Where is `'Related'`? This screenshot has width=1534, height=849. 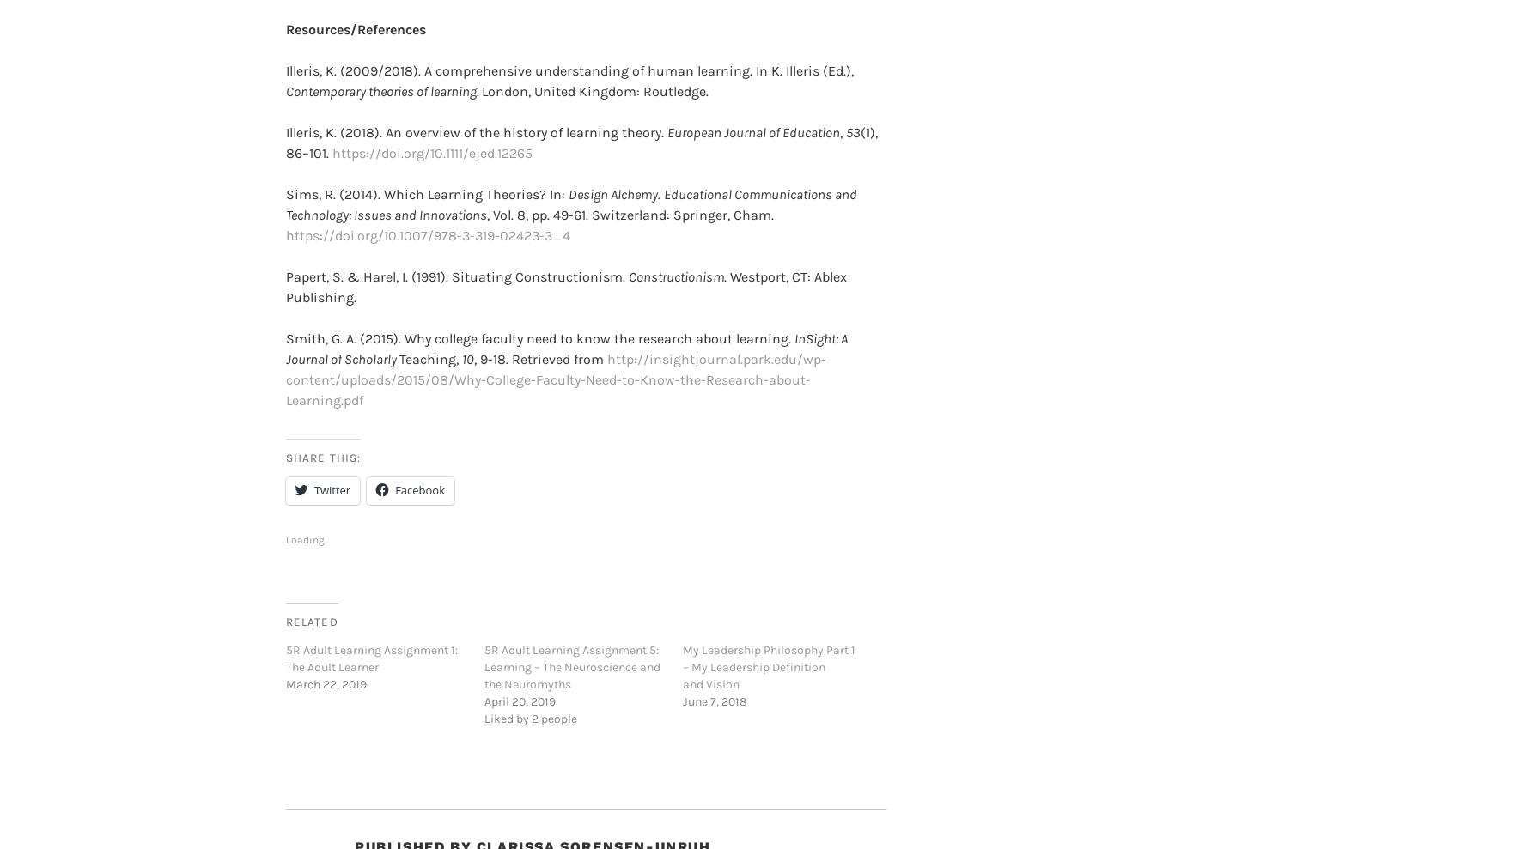
'Related' is located at coordinates (311, 593).